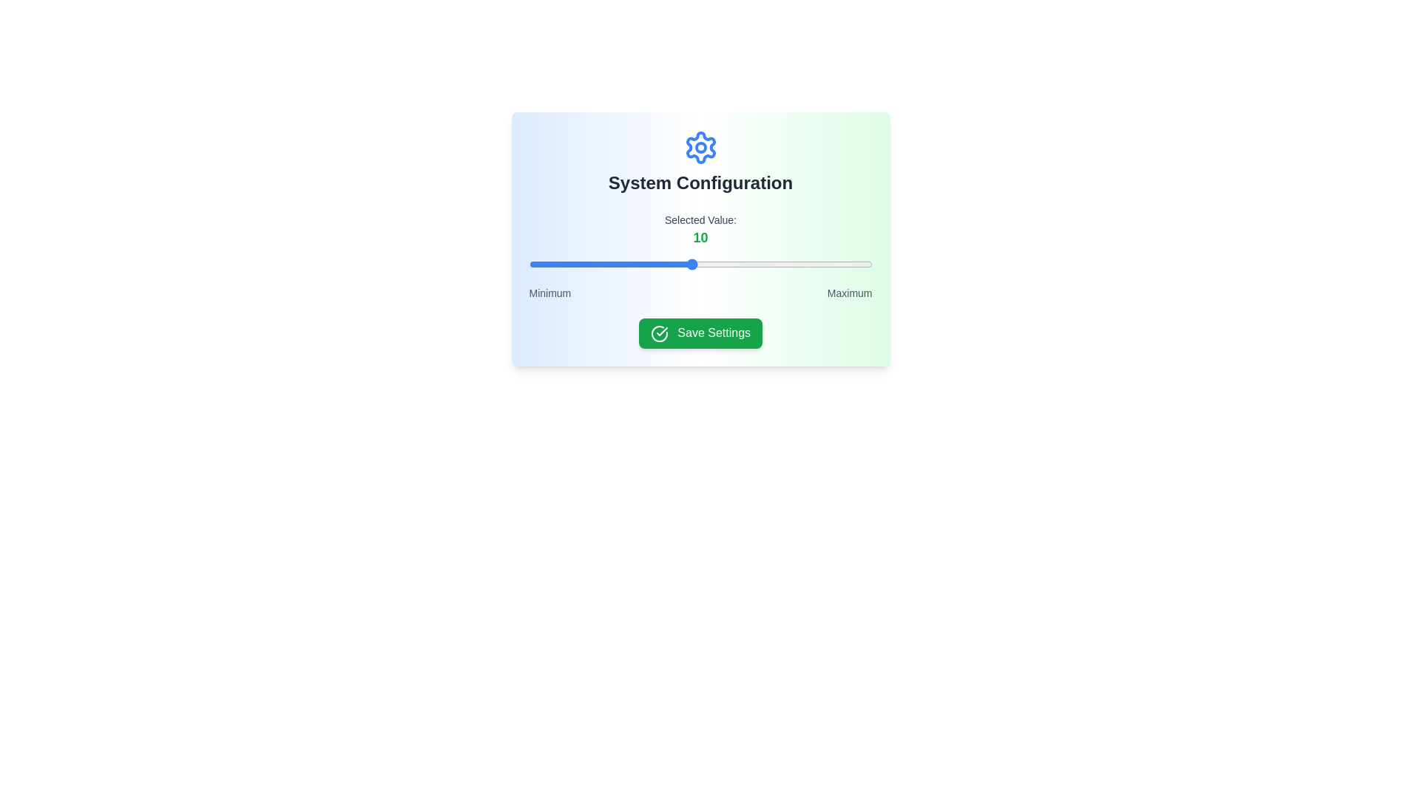 Image resolution: width=1420 pixels, height=798 pixels. What do you see at coordinates (709, 264) in the screenshot?
I see `the slider to set the value to 11` at bounding box center [709, 264].